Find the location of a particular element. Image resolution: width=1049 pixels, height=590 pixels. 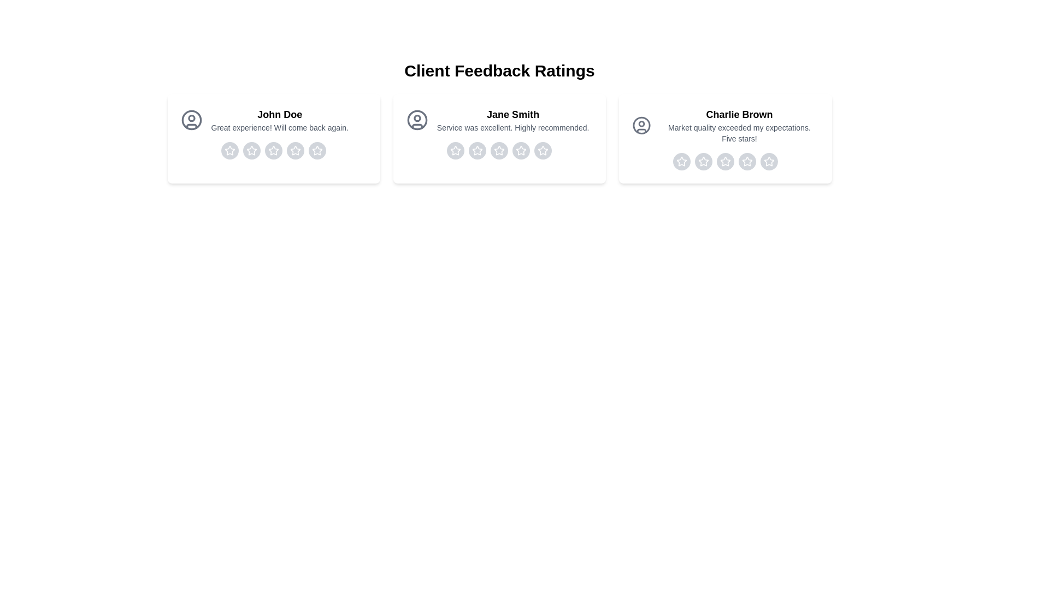

the avatar image of the reviewer 'John Doe' is located at coordinates (191, 120).